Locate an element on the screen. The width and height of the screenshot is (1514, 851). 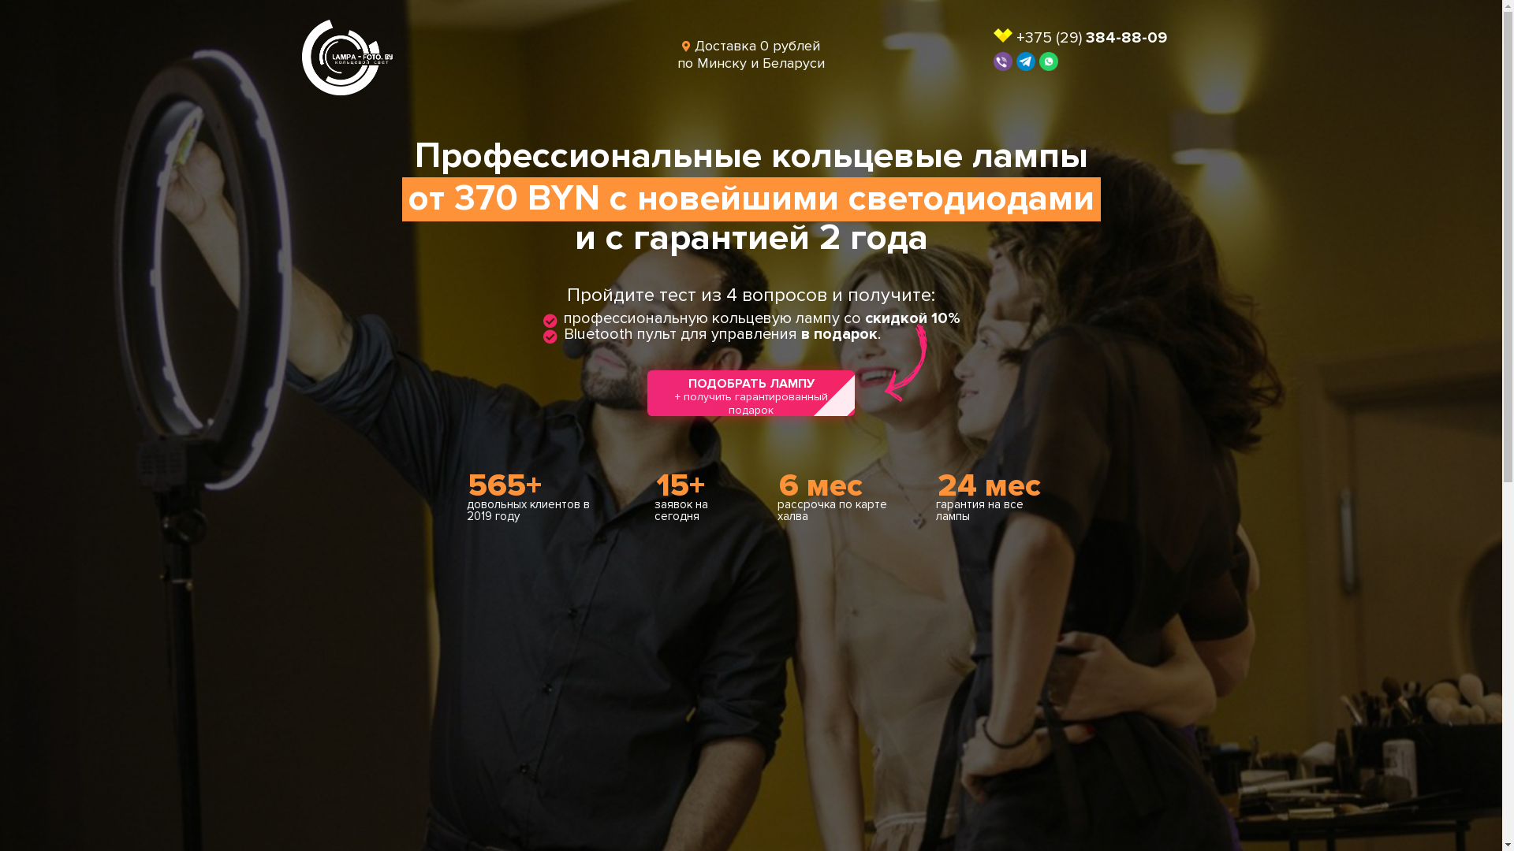
'+375 (29) 384-88-09' is located at coordinates (1091, 36).